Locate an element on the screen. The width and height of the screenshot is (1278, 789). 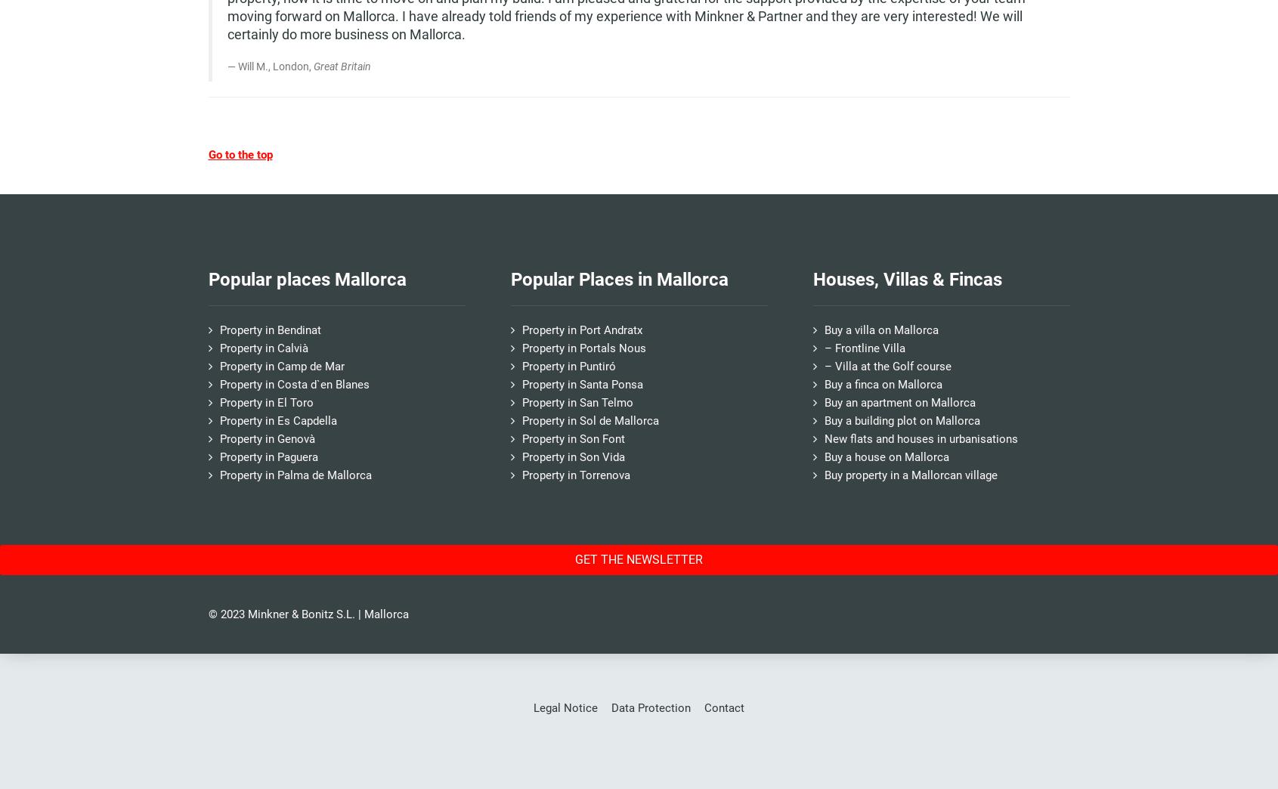
'Buy an apartment on Mallorca' is located at coordinates (899, 401).